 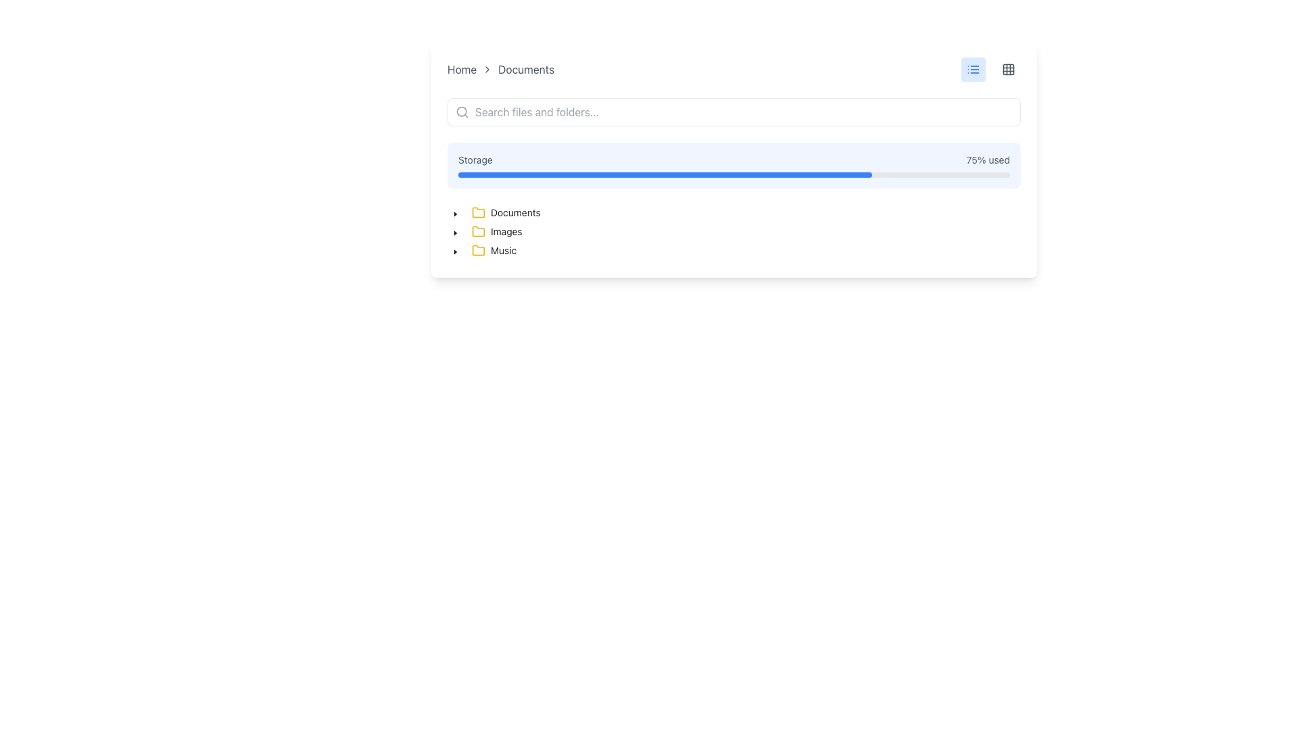 What do you see at coordinates (462, 111) in the screenshot?
I see `the search icon represented by a gray magnifying glass to initiate a search action` at bounding box center [462, 111].